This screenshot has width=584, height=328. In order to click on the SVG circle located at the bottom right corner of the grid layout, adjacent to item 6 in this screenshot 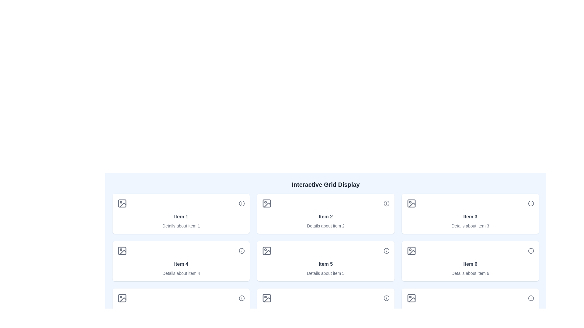, I will do `click(386, 298)`.